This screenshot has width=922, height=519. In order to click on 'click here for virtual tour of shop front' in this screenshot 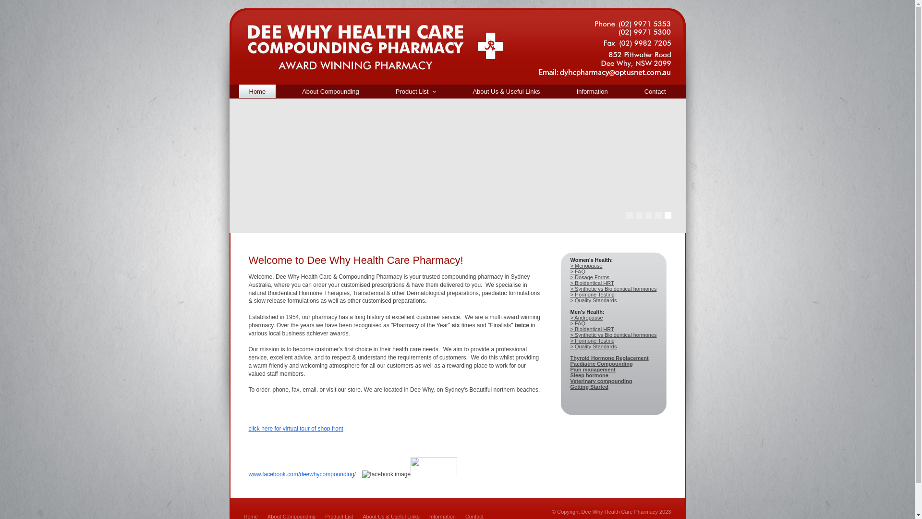, I will do `click(249, 428)`.